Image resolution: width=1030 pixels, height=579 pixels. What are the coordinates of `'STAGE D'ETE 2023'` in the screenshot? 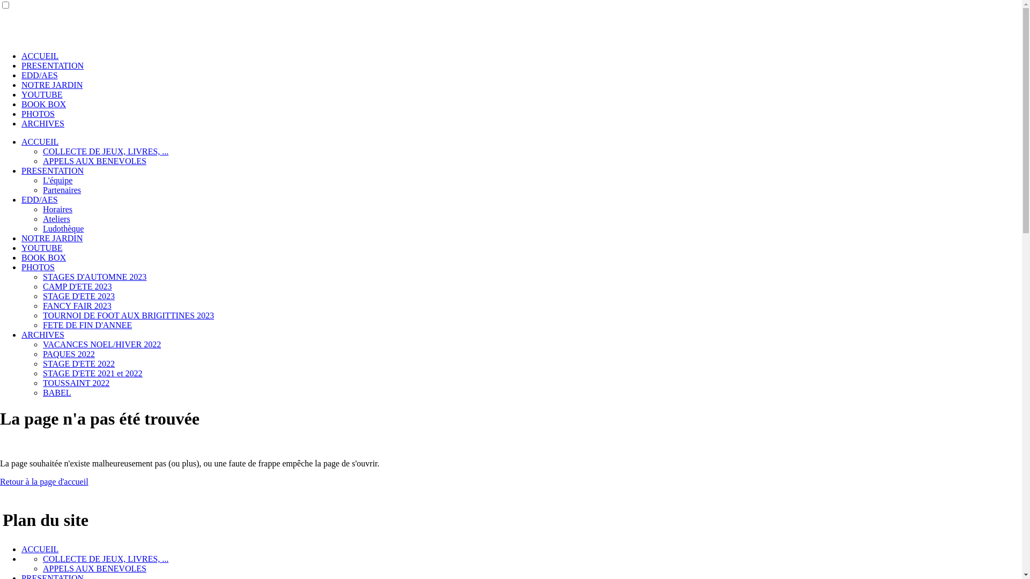 It's located at (78, 296).